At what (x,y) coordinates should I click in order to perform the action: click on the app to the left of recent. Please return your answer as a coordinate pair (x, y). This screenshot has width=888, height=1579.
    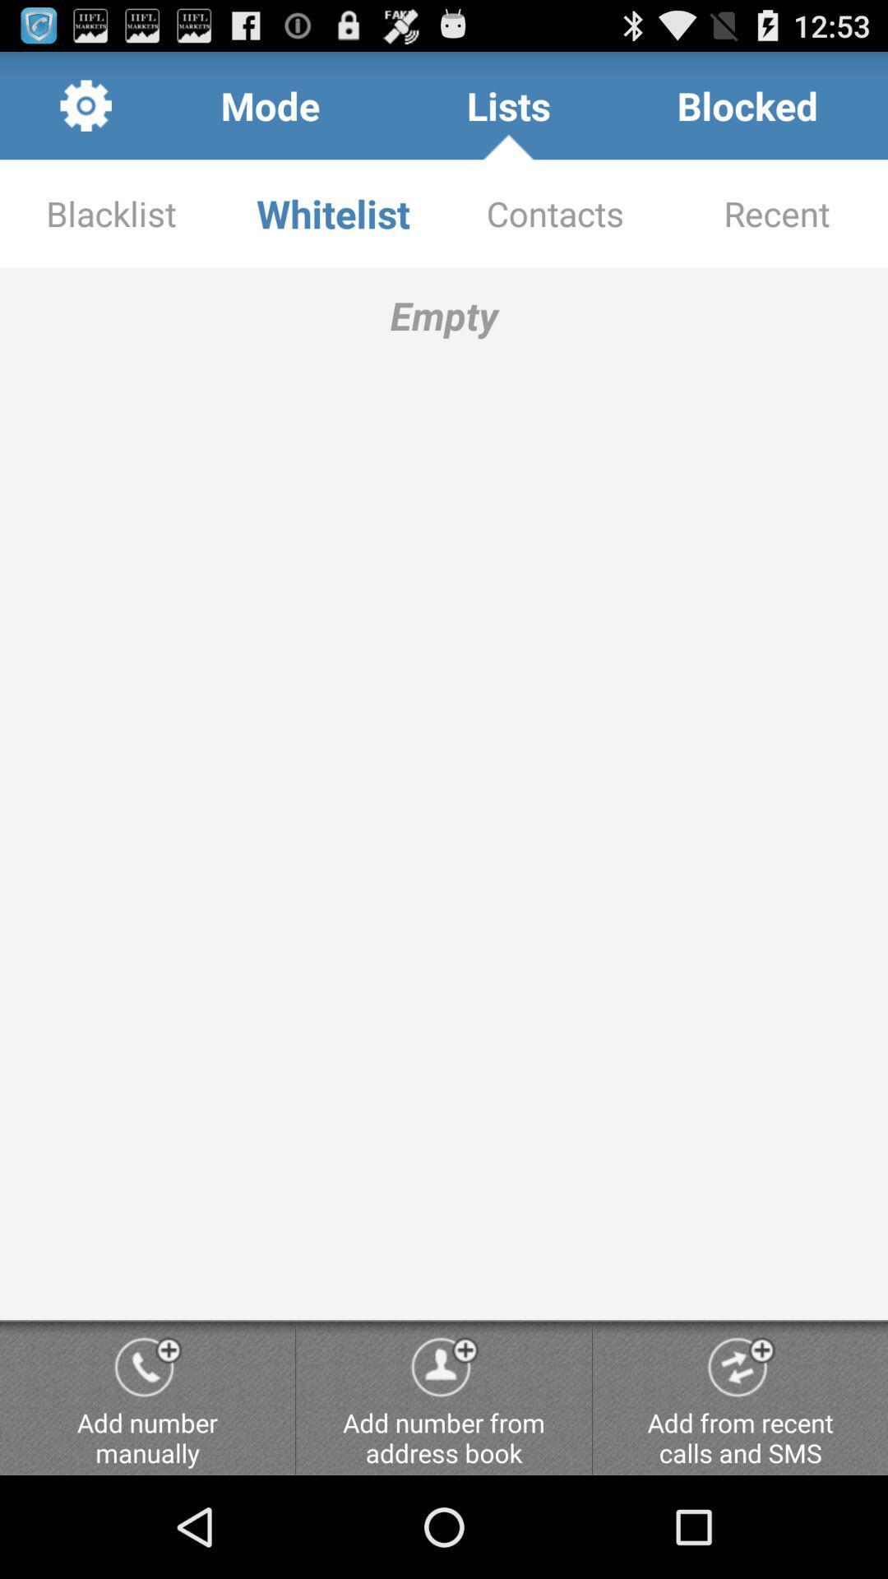
    Looking at the image, I should click on (555, 212).